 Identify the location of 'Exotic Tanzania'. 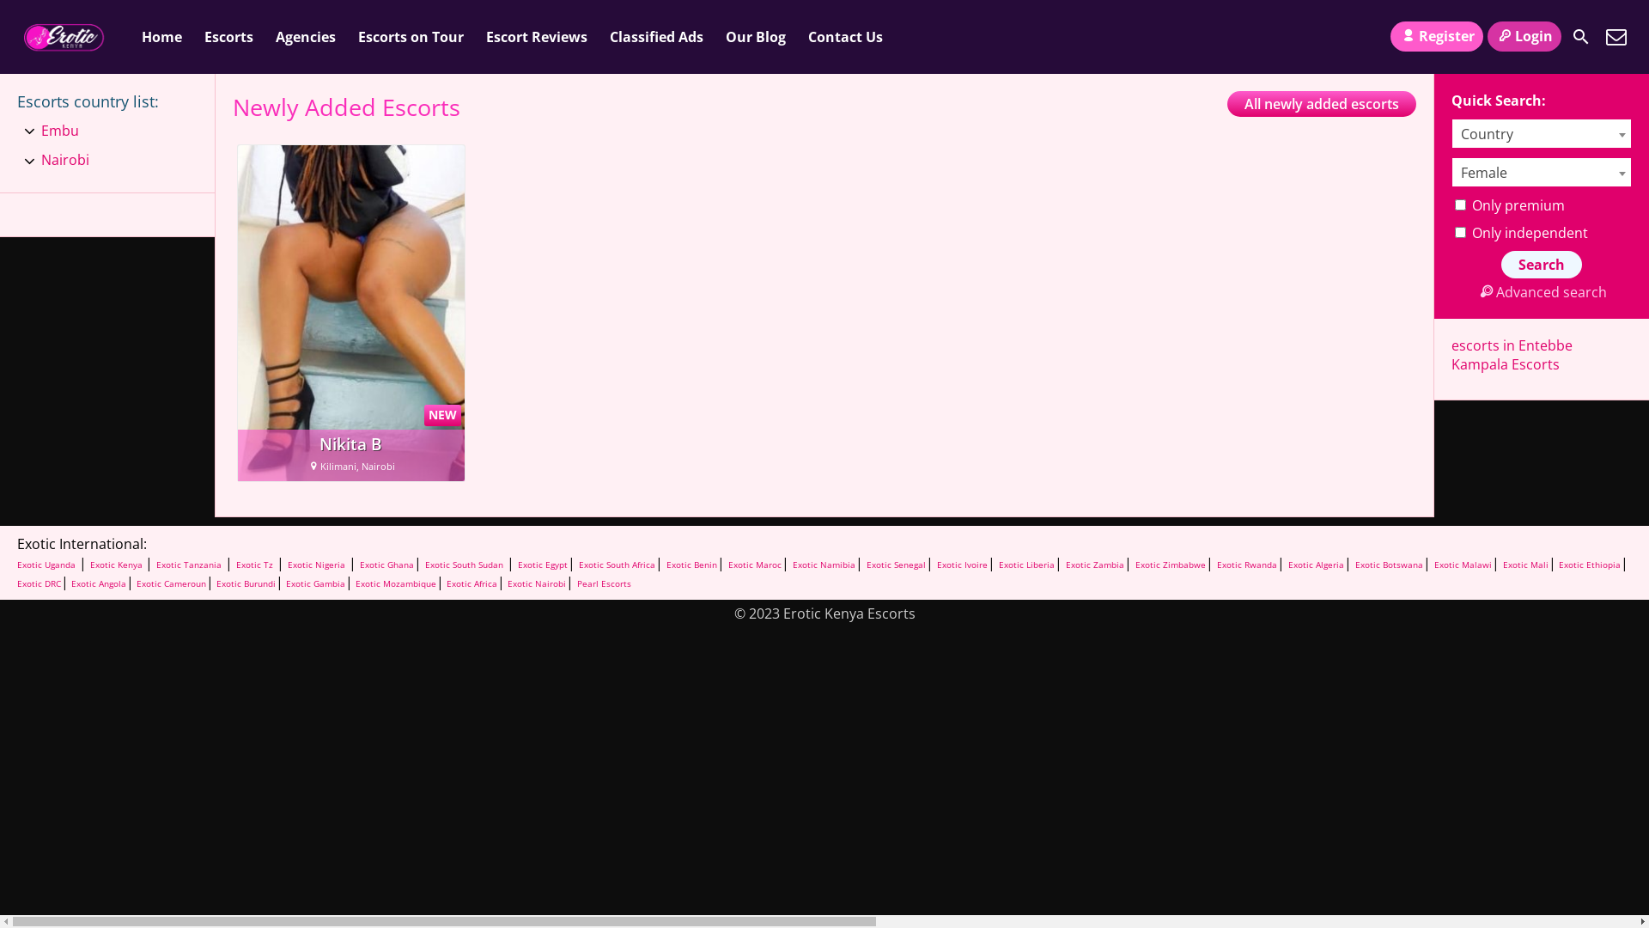
(189, 564).